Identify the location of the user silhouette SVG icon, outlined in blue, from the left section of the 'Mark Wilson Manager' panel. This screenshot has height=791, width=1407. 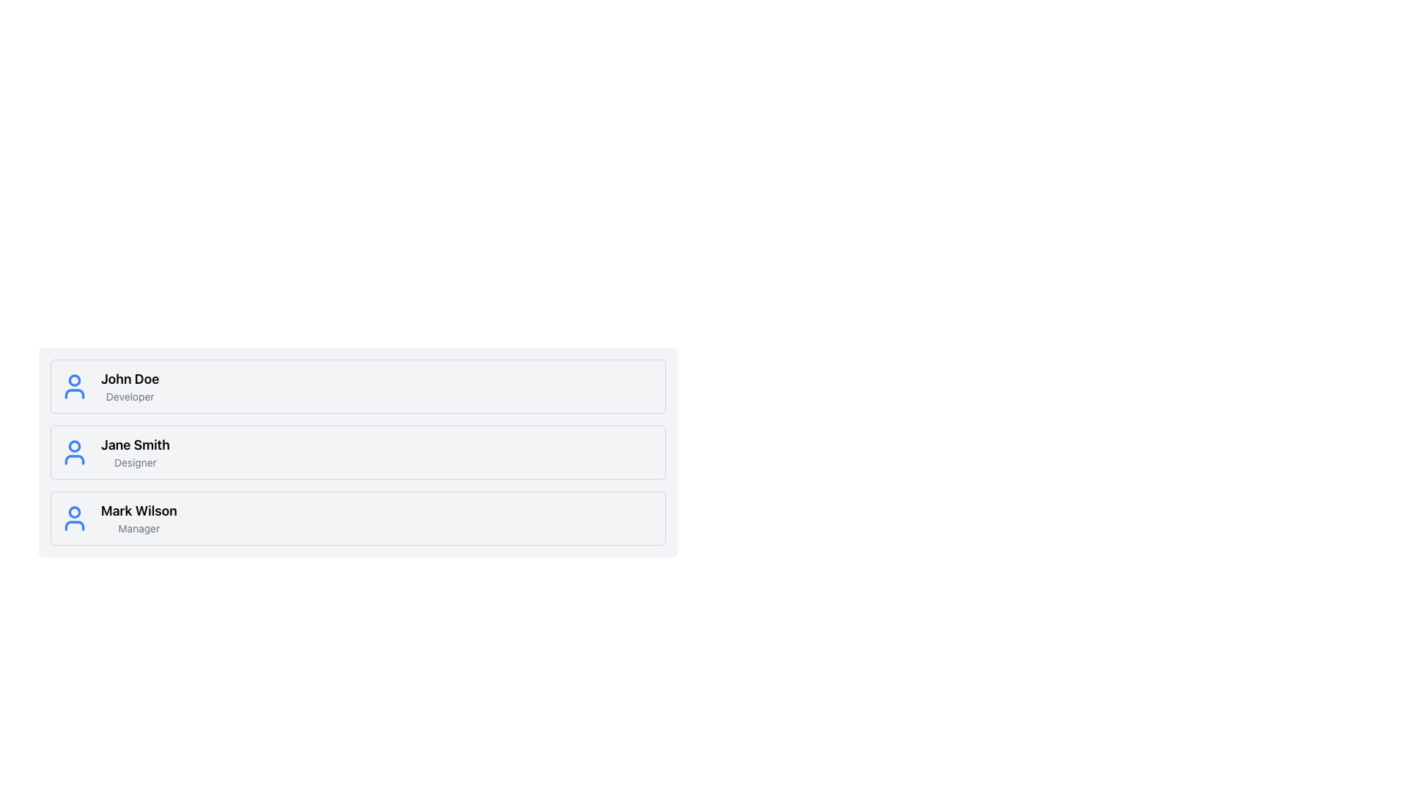
(73, 518).